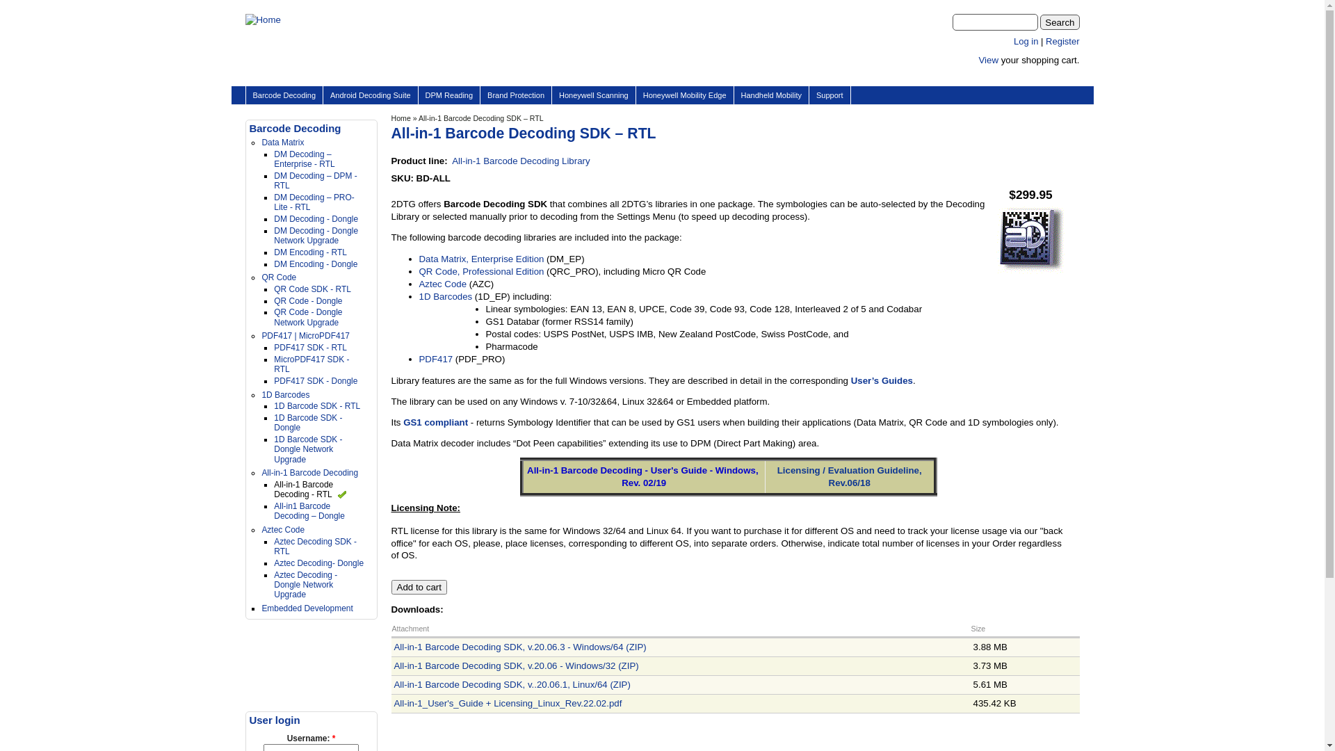 The image size is (1335, 751). What do you see at coordinates (305, 335) in the screenshot?
I see `'PDF417 | MicroPDF417'` at bounding box center [305, 335].